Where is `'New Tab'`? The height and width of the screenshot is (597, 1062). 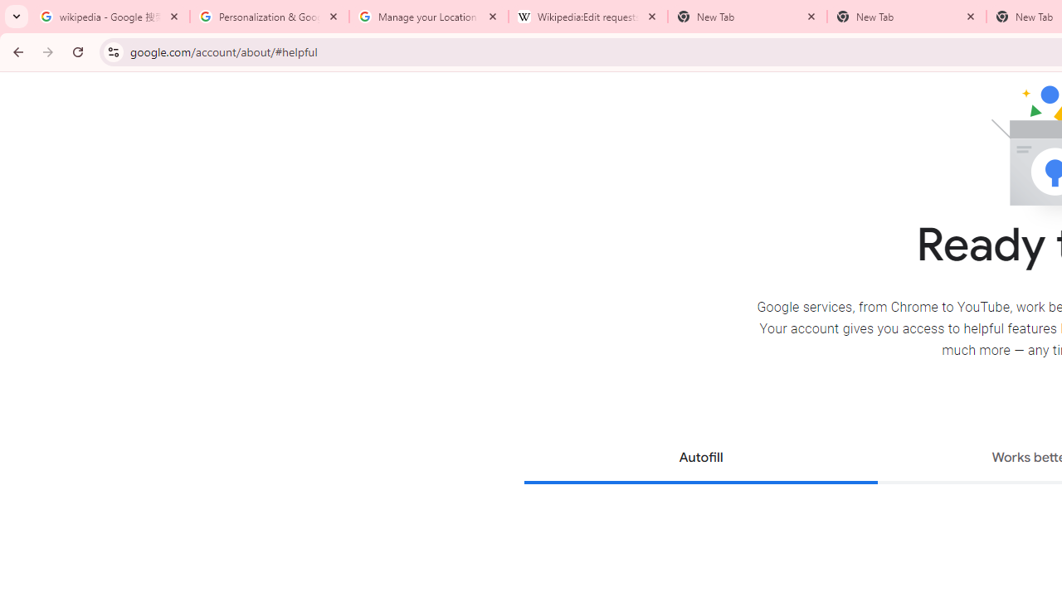 'New Tab' is located at coordinates (906, 17).